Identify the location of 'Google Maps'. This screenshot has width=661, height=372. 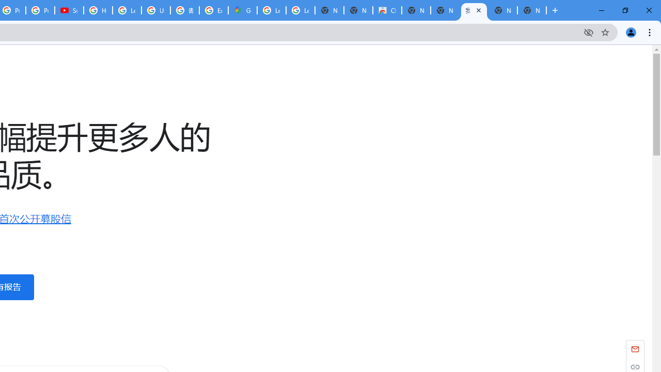
(242, 10).